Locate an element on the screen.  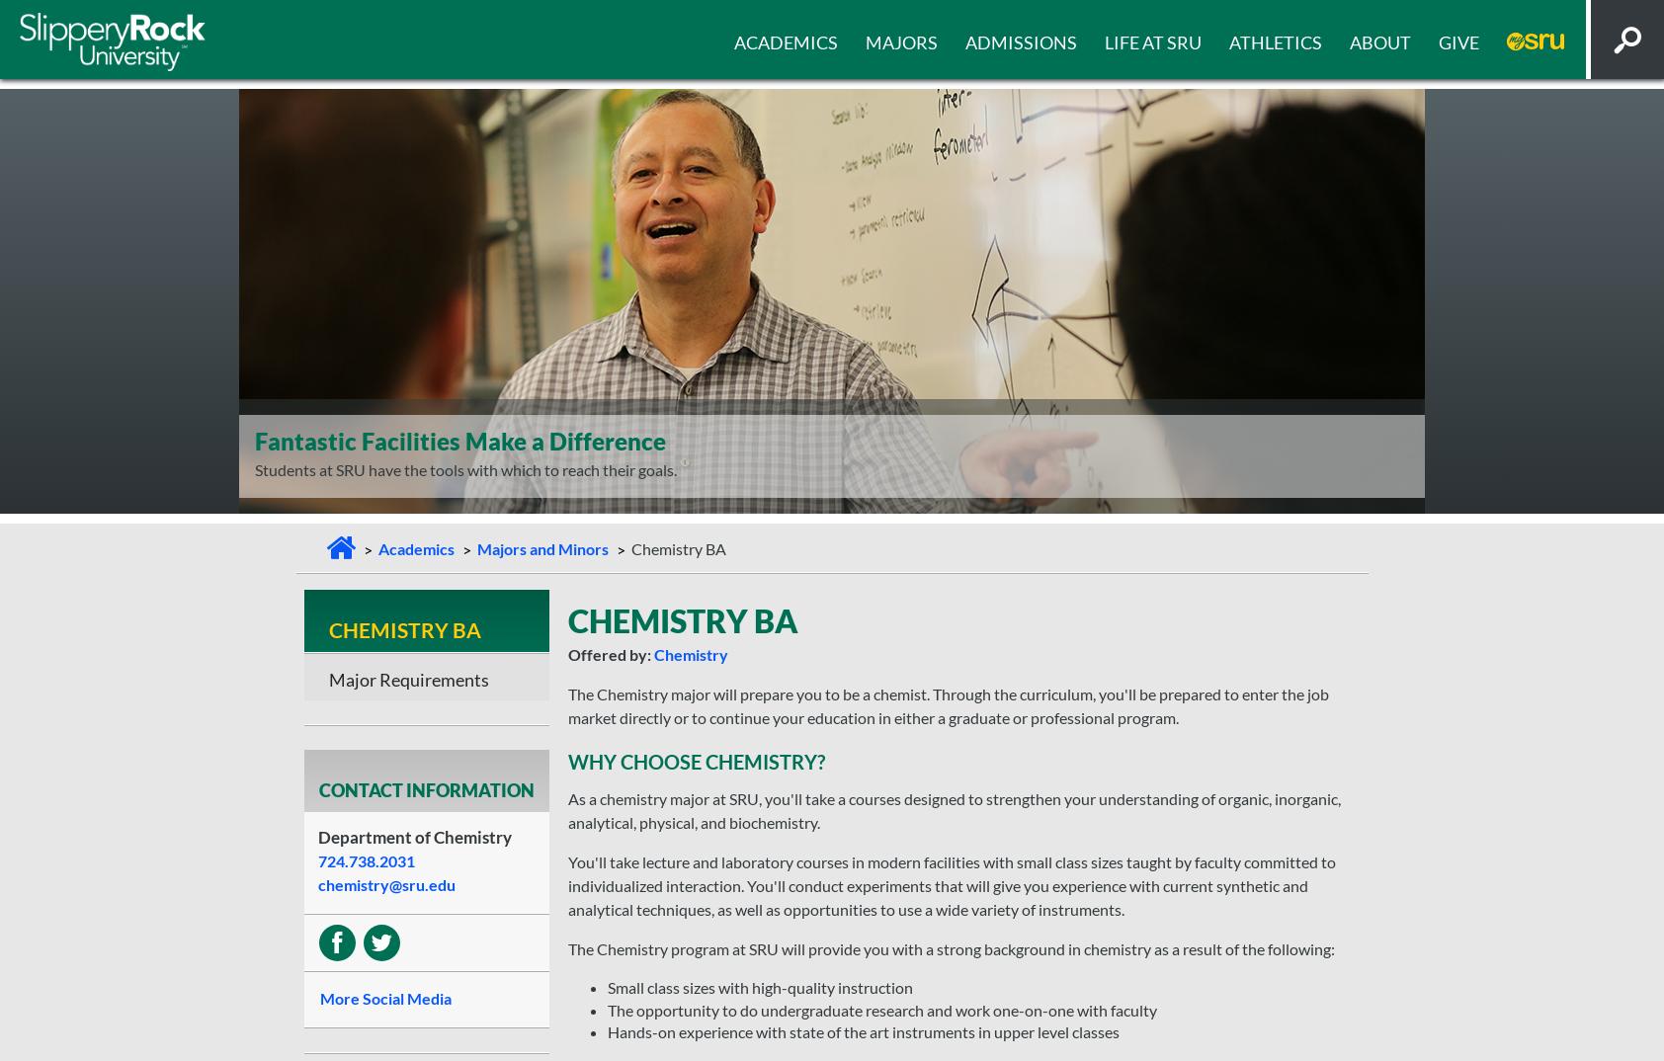
'The opportunity to do undergraduate research and work one-on-one with faculty' is located at coordinates (881, 1009).